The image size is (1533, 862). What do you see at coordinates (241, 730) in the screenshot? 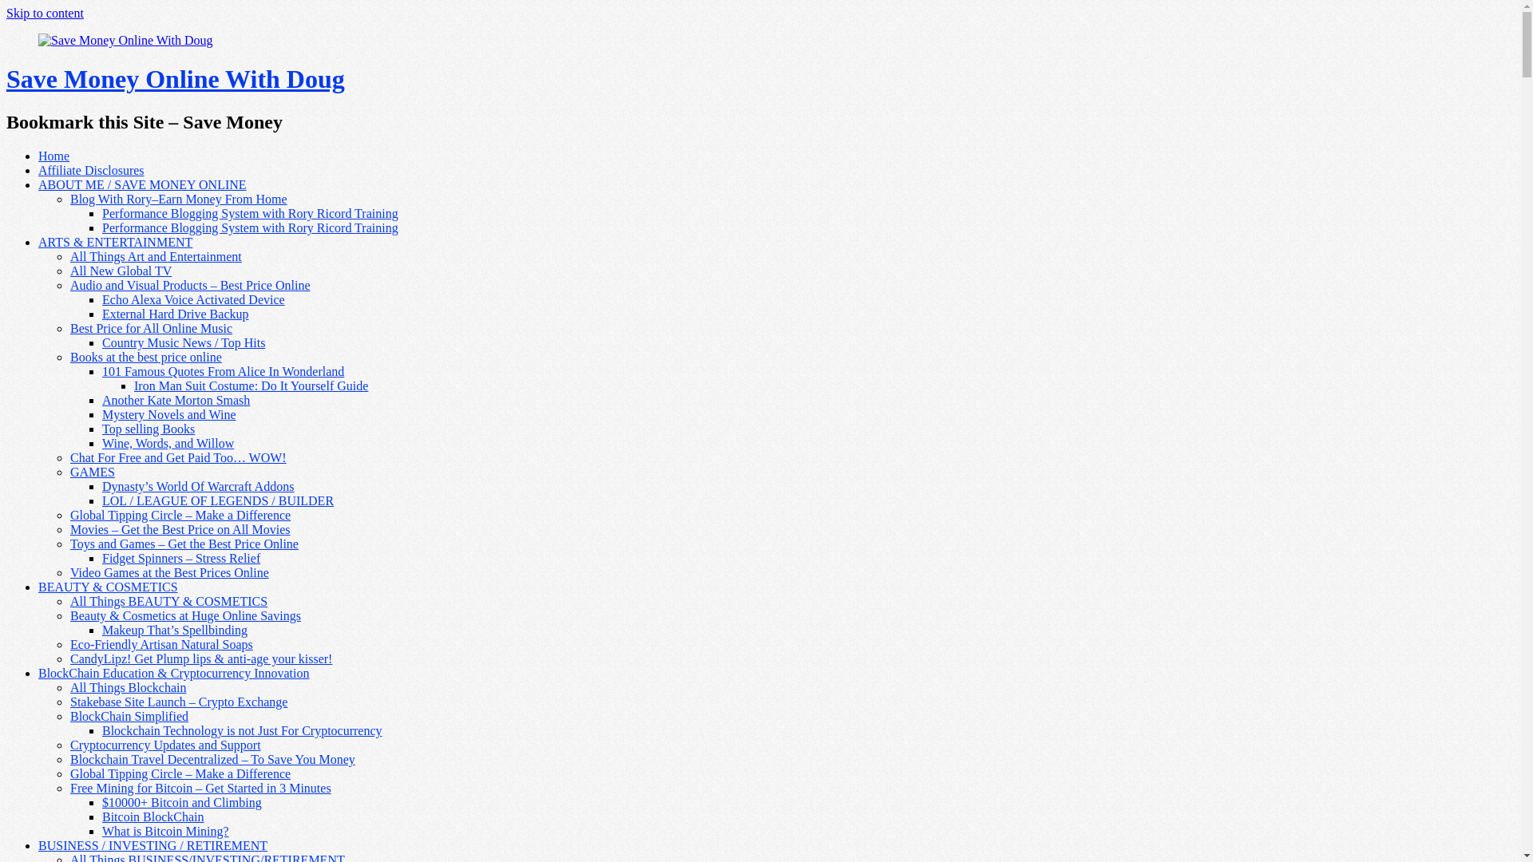
I see `'Blockchain Technology is not Just For Cryptocurrency'` at bounding box center [241, 730].